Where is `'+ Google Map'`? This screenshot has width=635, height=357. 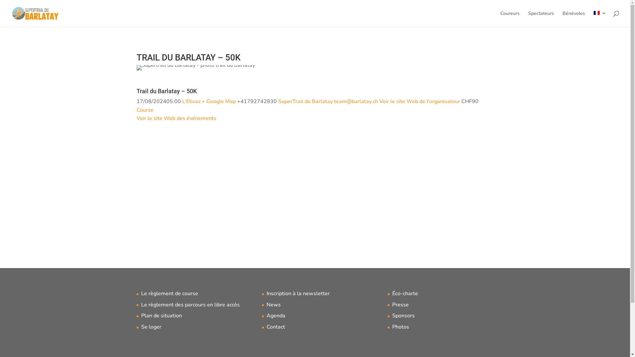 '+ Google Map' is located at coordinates (201, 101).